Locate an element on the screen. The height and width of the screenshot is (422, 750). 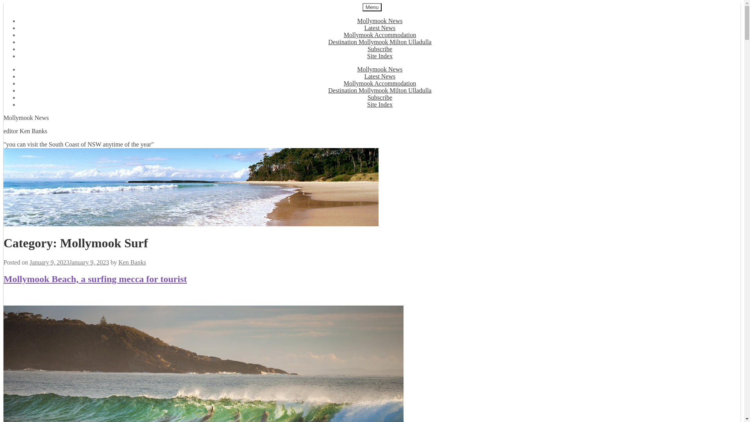
'Mollymook News' is located at coordinates (379, 20).